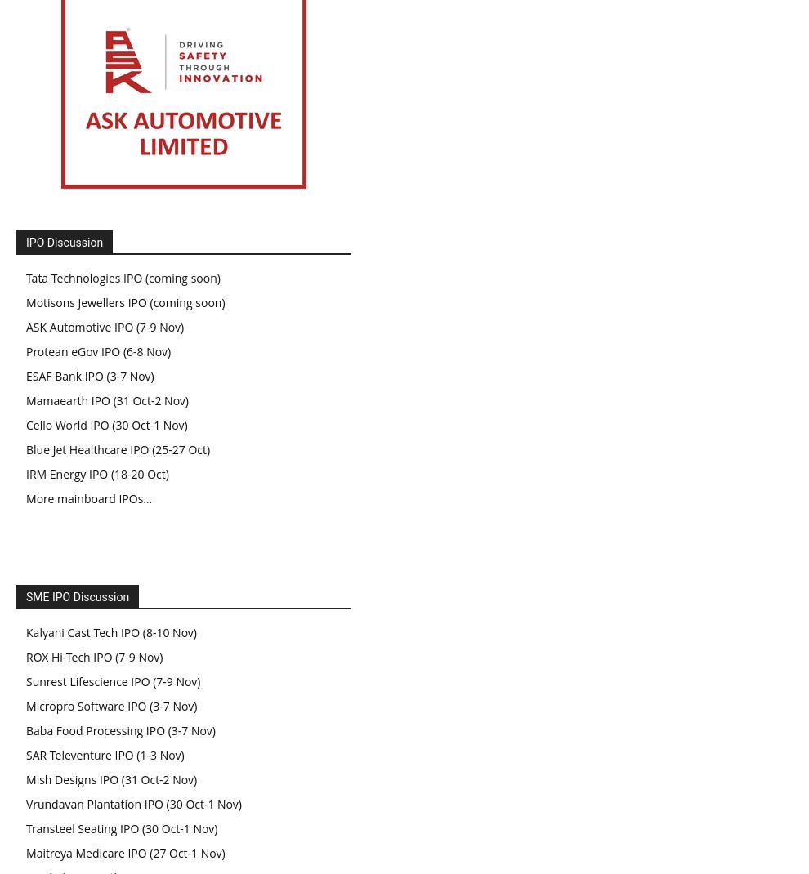  I want to click on 'Baba Food Processing IPO (3-7 Nov)', so click(119, 729).